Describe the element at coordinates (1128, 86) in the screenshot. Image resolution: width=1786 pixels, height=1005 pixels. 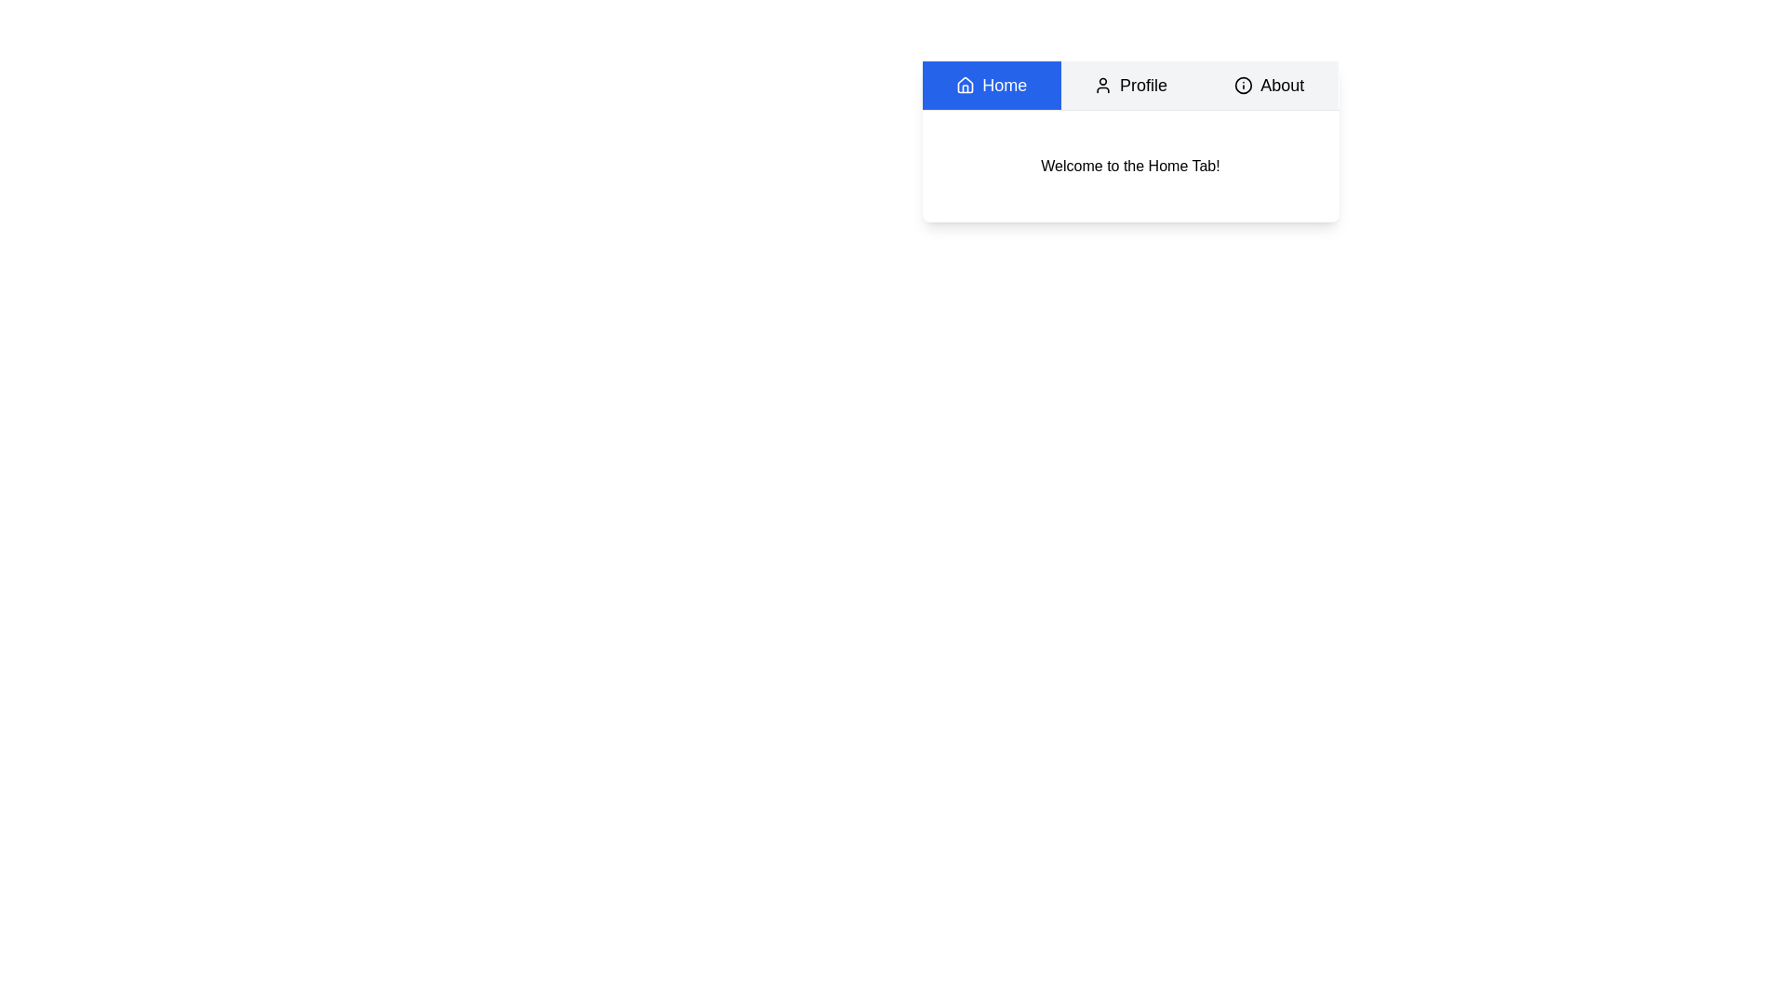
I see `the 'Profile' tab to switch to the Profile section` at that location.